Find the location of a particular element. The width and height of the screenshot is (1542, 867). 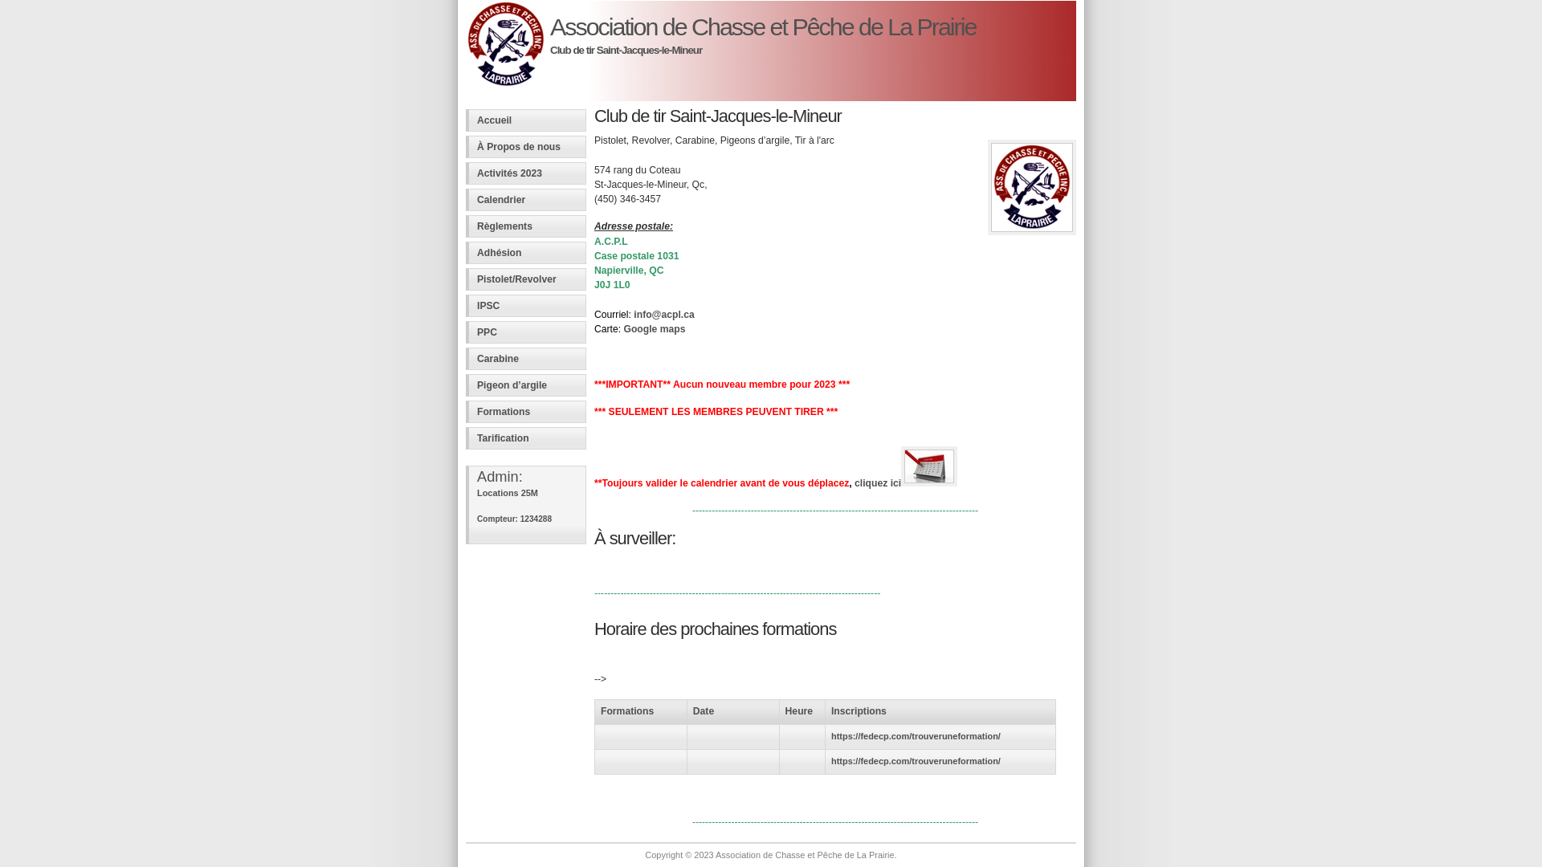

'PPC' is located at coordinates (525, 331).